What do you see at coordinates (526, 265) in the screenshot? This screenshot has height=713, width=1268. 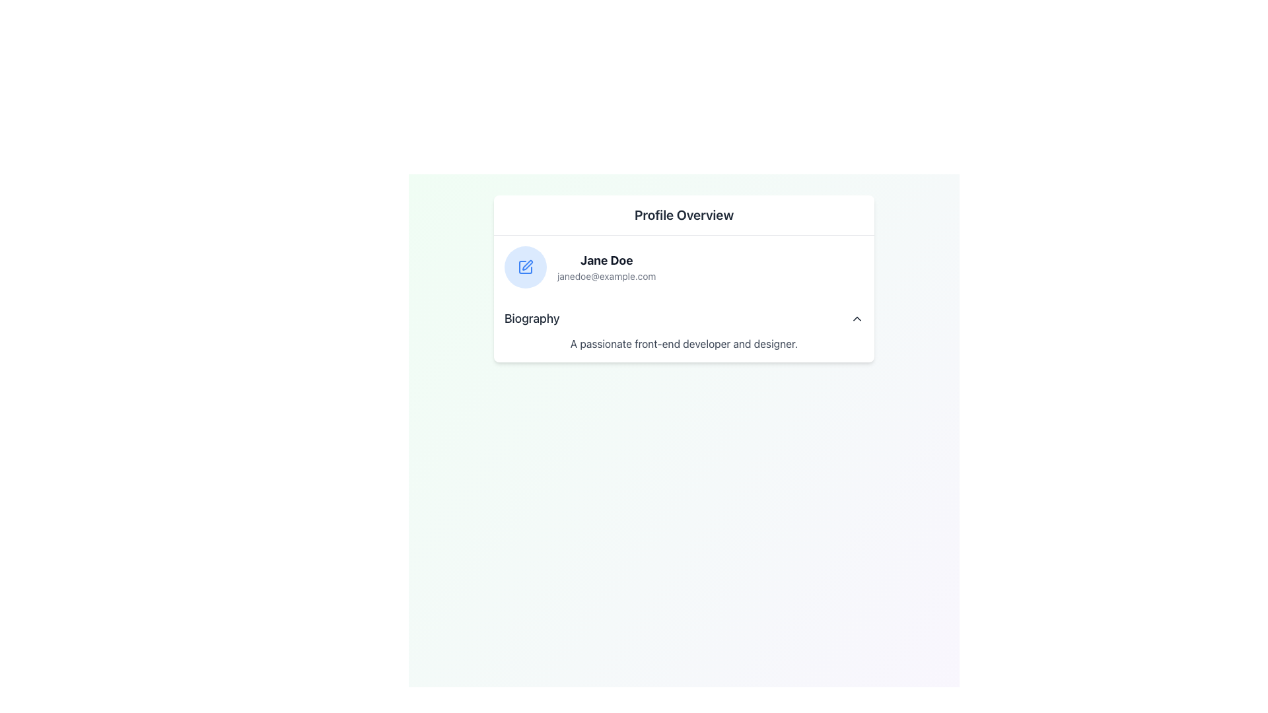 I see `the blue pen icon located within a square graphical frame, positioned to the left of the user's profile information on the profile overview card` at bounding box center [526, 265].